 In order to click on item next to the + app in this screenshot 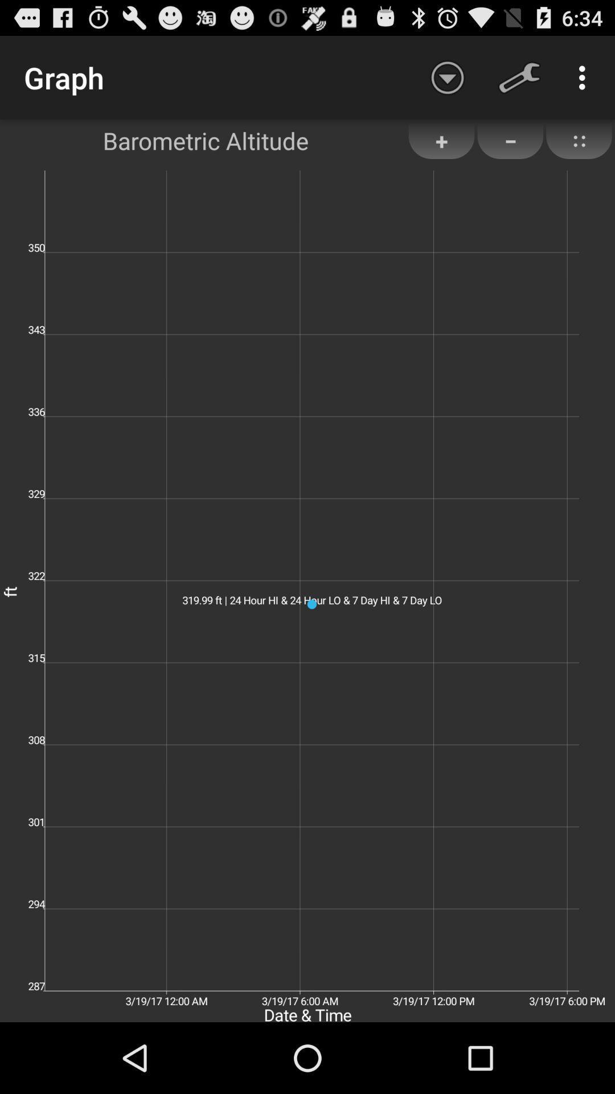, I will do `click(510, 140)`.